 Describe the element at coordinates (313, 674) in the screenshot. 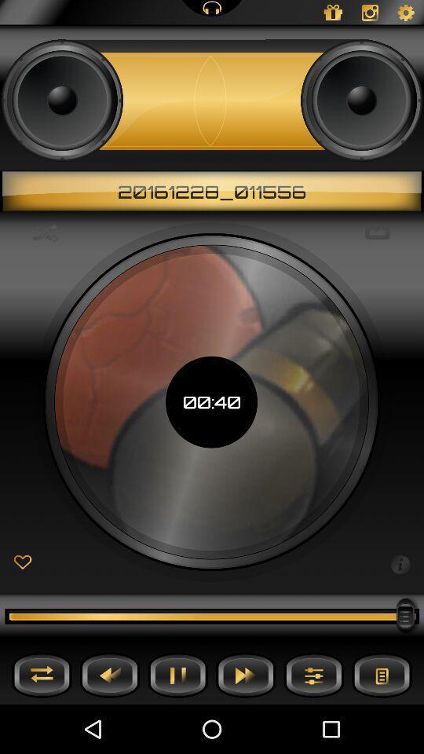

I see `options` at that location.